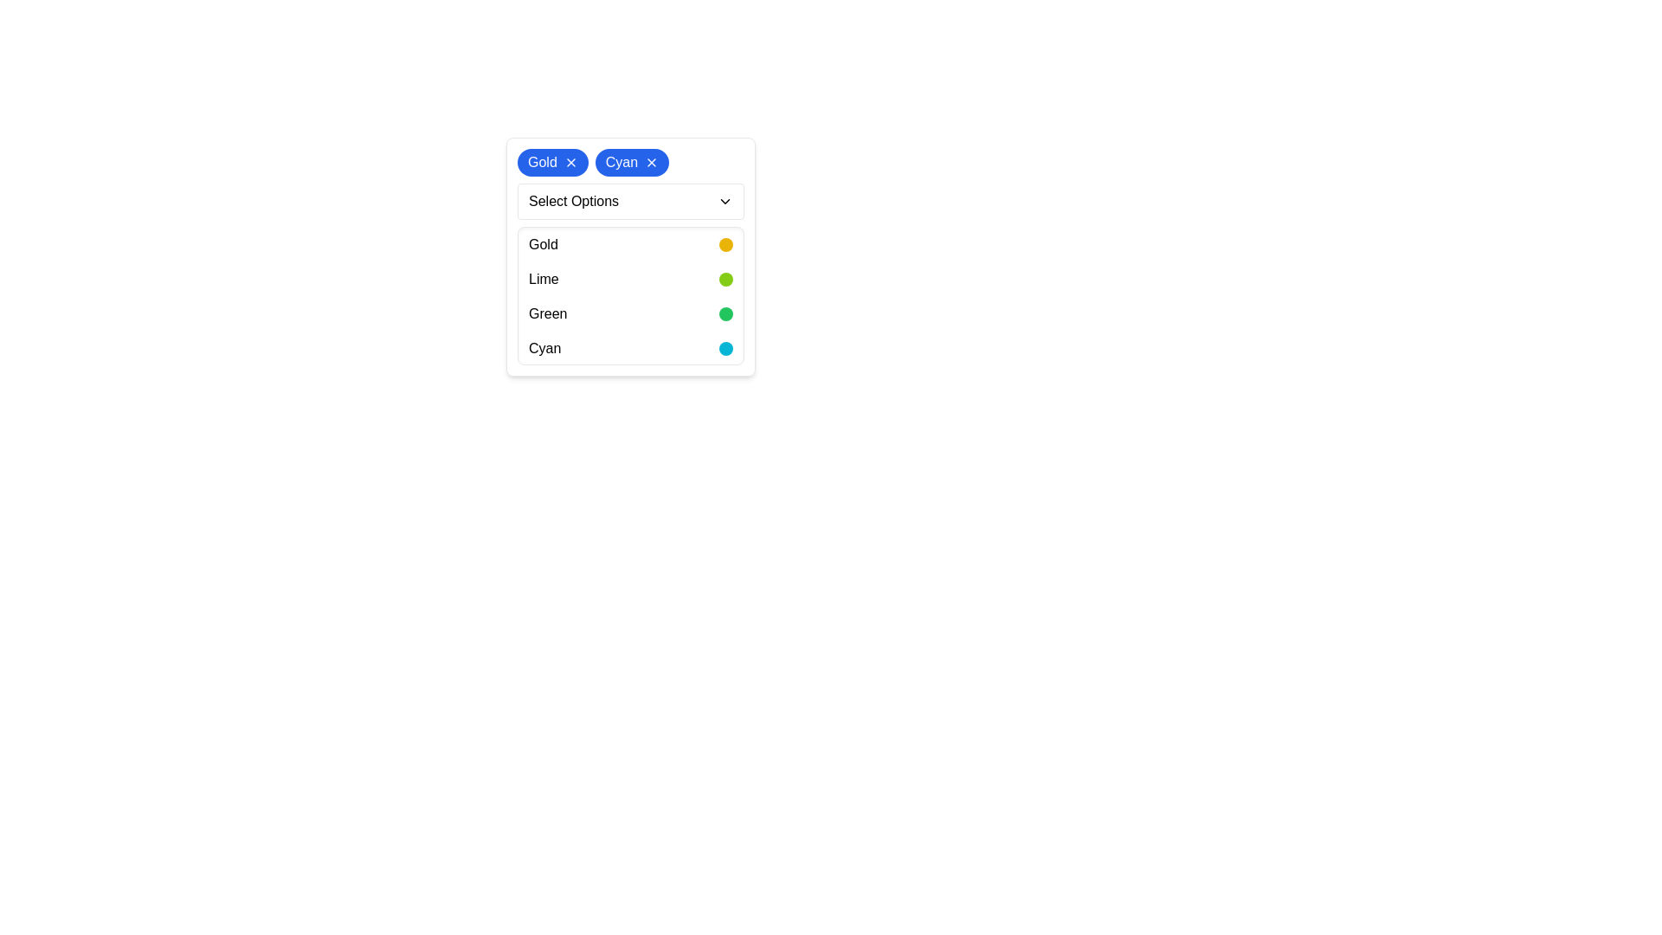 The width and height of the screenshot is (1662, 935). Describe the element at coordinates (630, 313) in the screenshot. I see `the third item in the dropdown menu that represents the 'Green' category` at that location.